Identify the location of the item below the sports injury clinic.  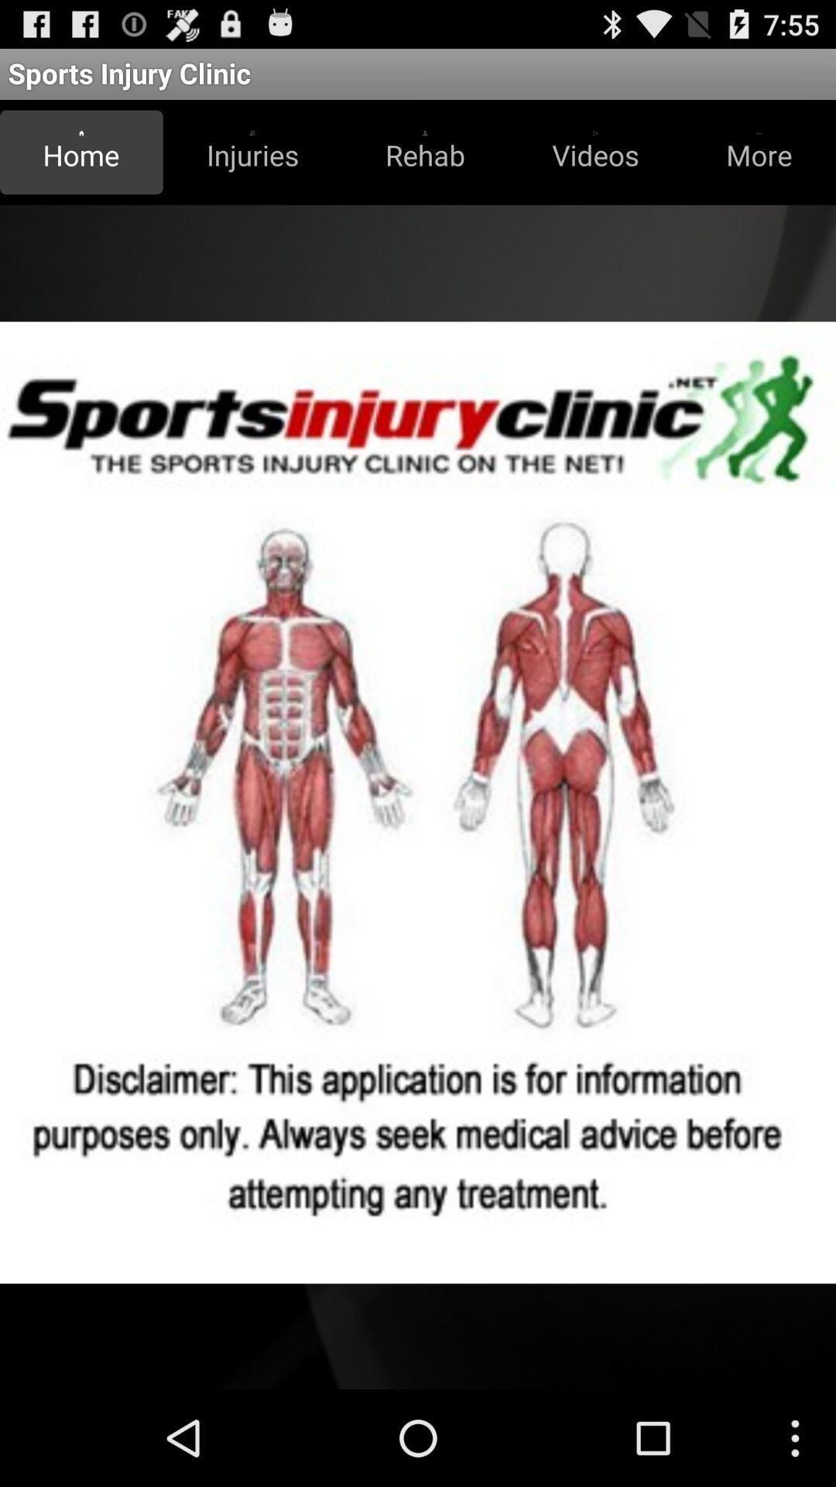
(252, 152).